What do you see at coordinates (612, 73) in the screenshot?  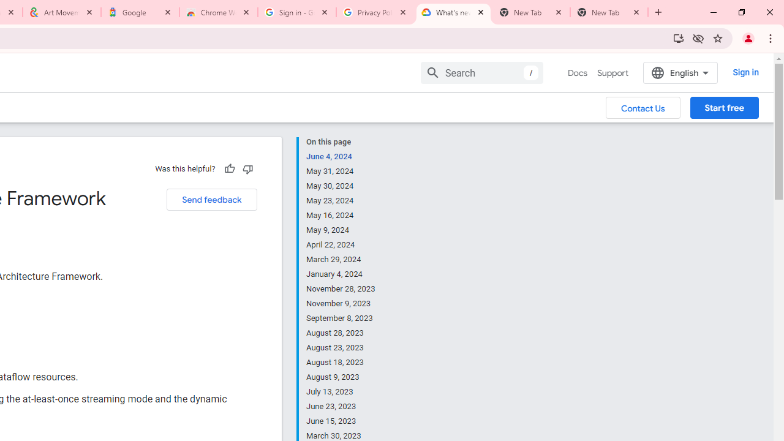 I see `'Support'` at bounding box center [612, 73].